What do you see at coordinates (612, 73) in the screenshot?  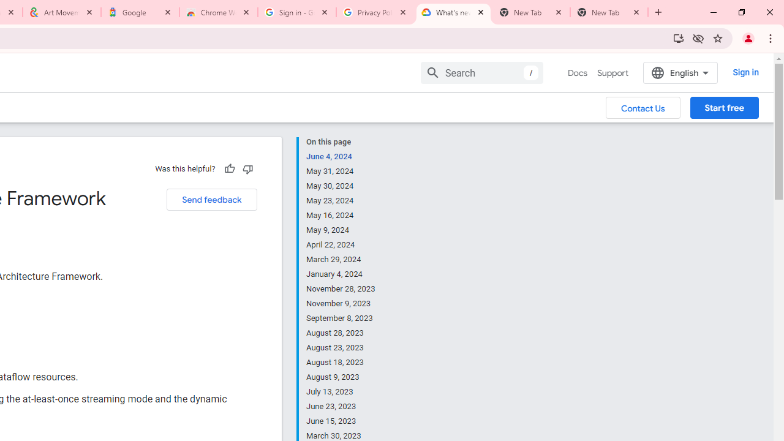 I see `'Support'` at bounding box center [612, 73].